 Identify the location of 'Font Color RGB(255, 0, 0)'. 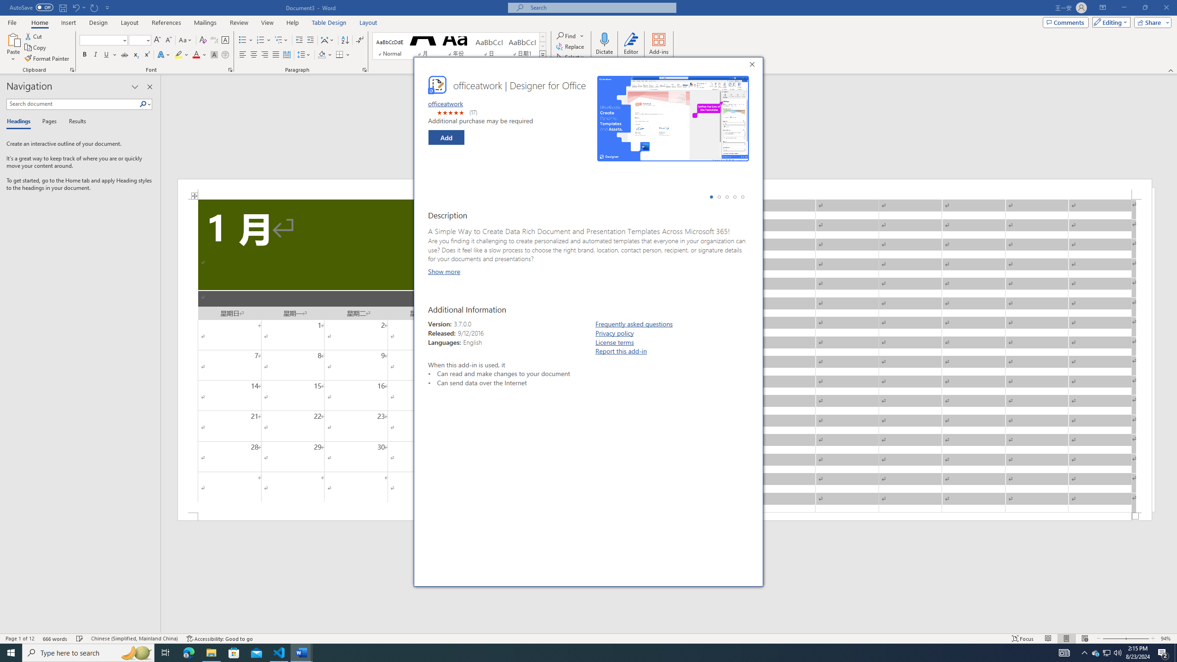
(195, 54).